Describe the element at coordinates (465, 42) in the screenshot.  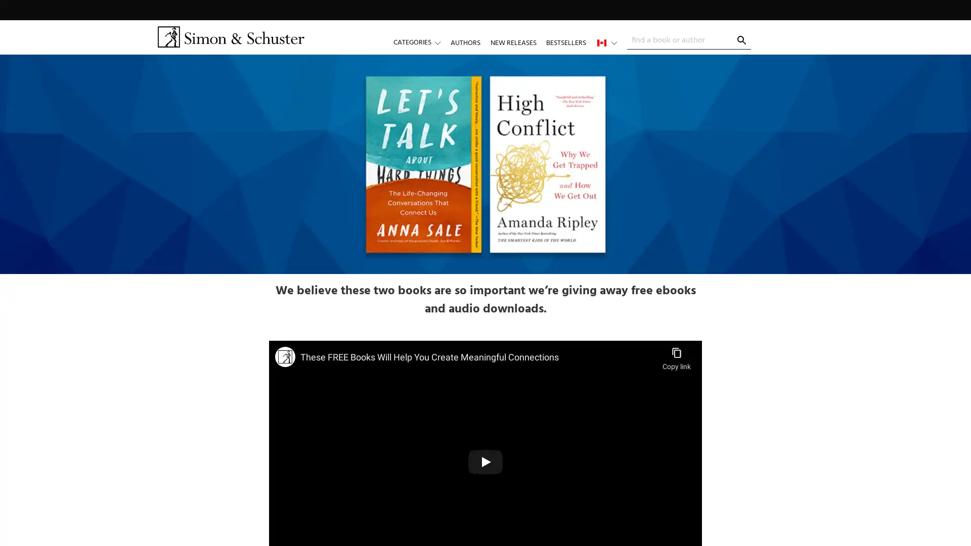
I see `AUTHORS` at that location.